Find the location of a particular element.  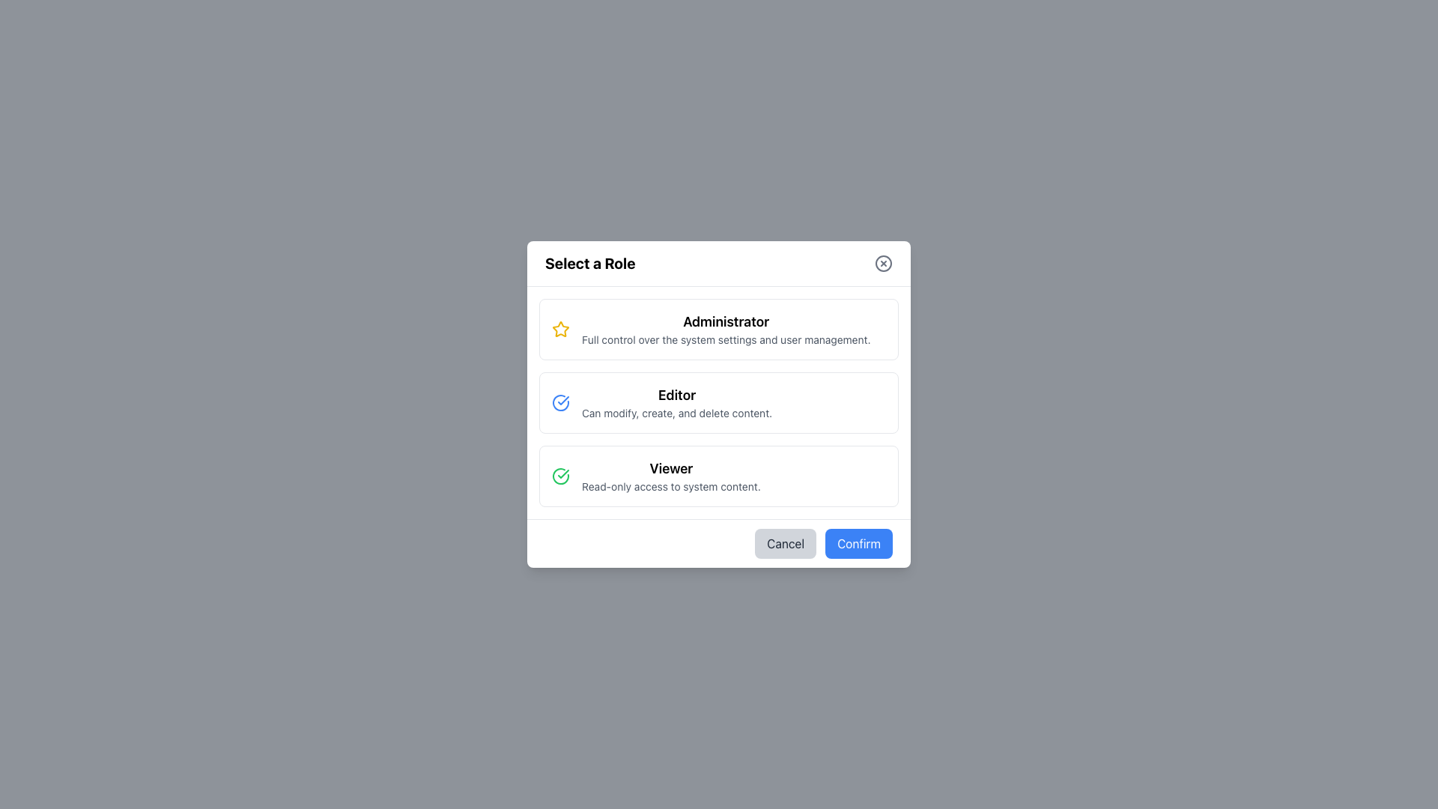

the Close Button, which is a circular button with an 'X' icon, located at the top-right corner of the dialog box next to the header 'Select a Role' is located at coordinates (884, 262).